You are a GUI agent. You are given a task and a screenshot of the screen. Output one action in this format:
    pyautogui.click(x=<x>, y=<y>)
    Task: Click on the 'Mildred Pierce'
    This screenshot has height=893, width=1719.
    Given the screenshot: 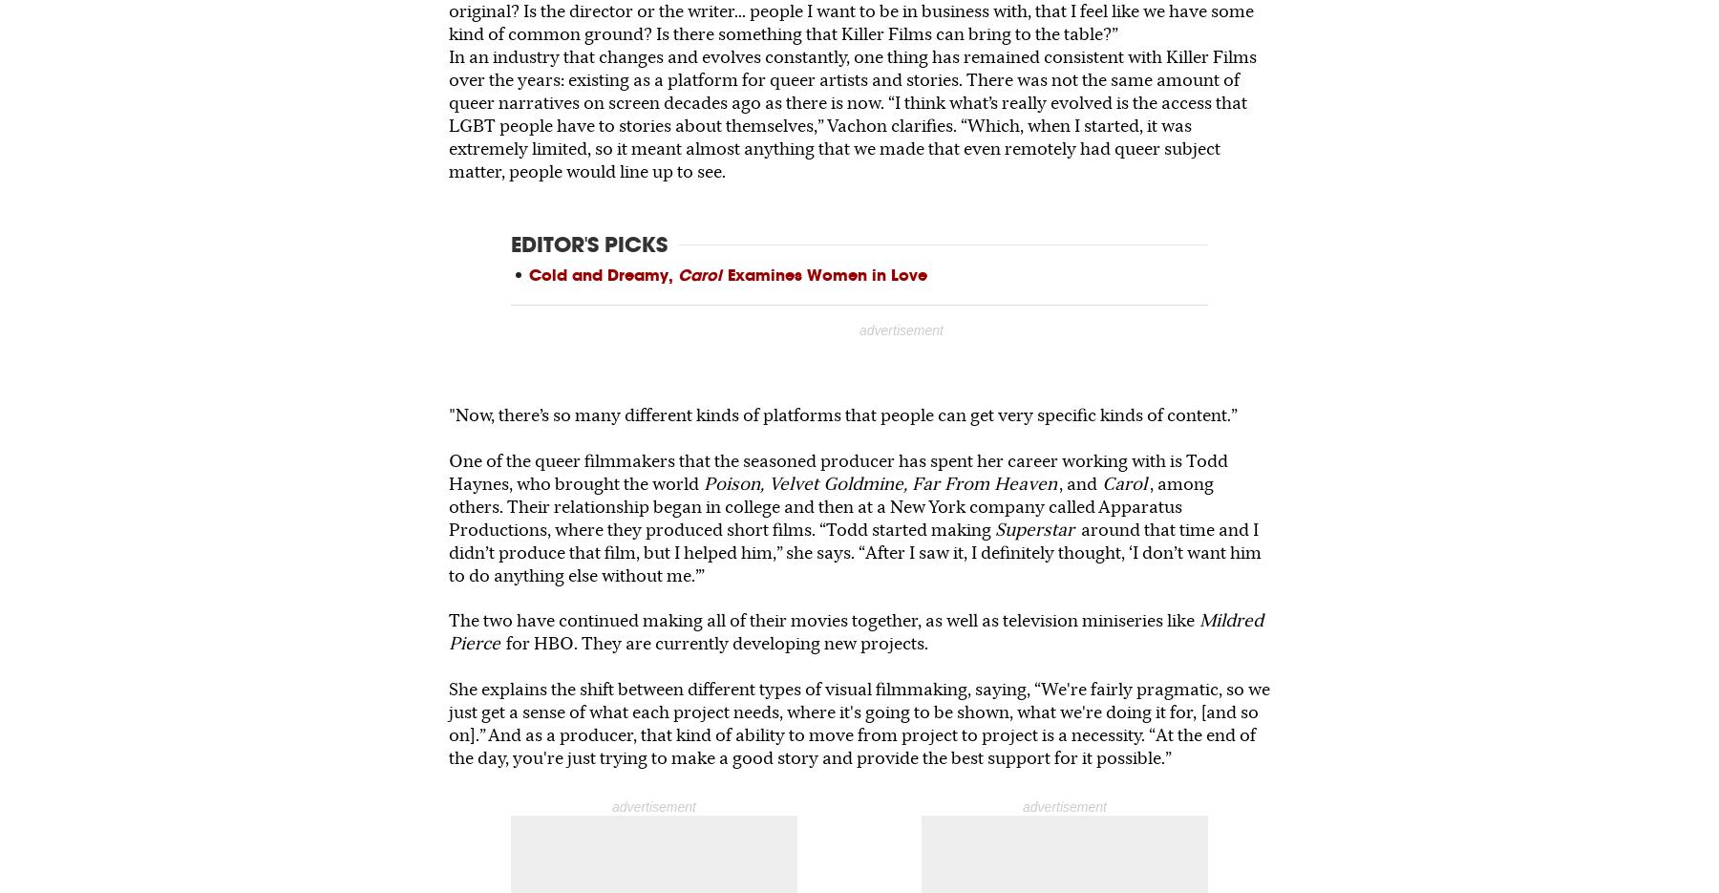 What is the action you would take?
    pyautogui.click(x=856, y=631)
    